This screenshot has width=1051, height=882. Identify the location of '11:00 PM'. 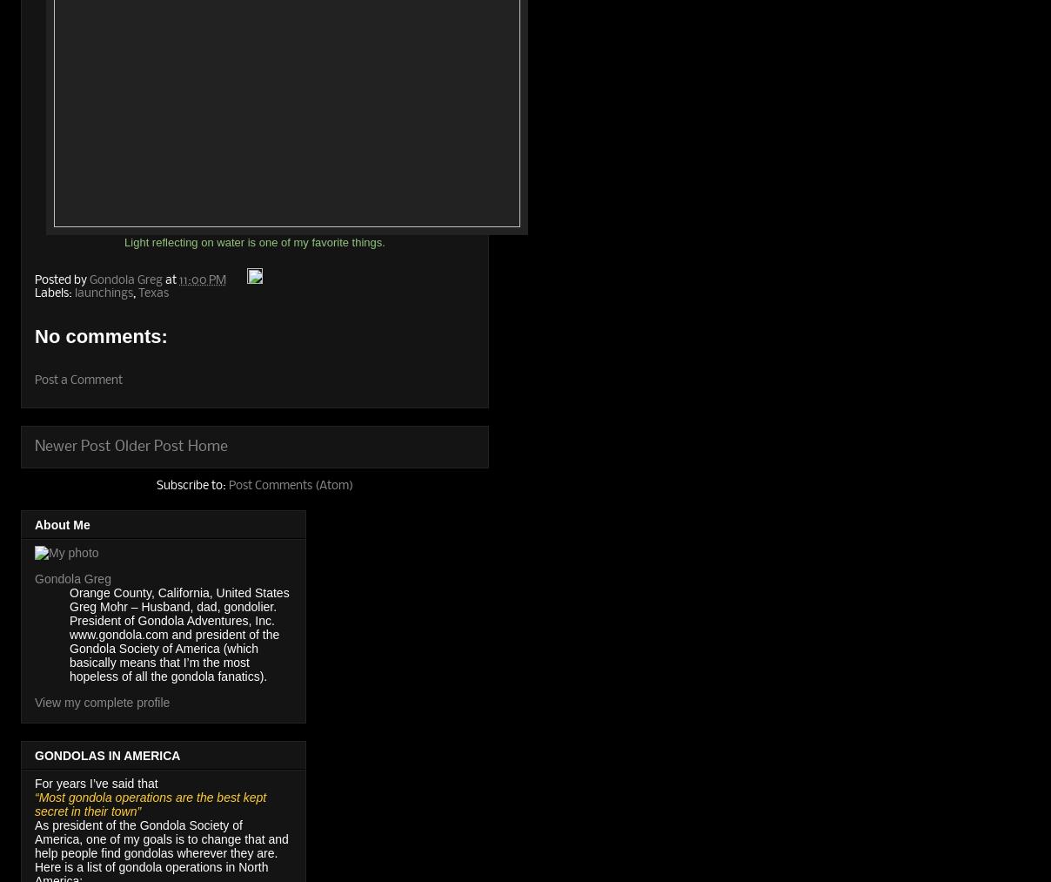
(203, 280).